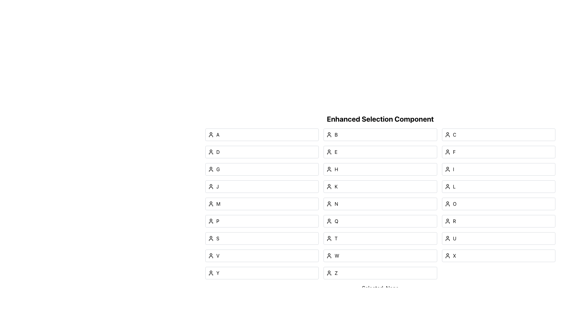  I want to click on the button labeled 'Q' in the grid layout, so click(380, 221).